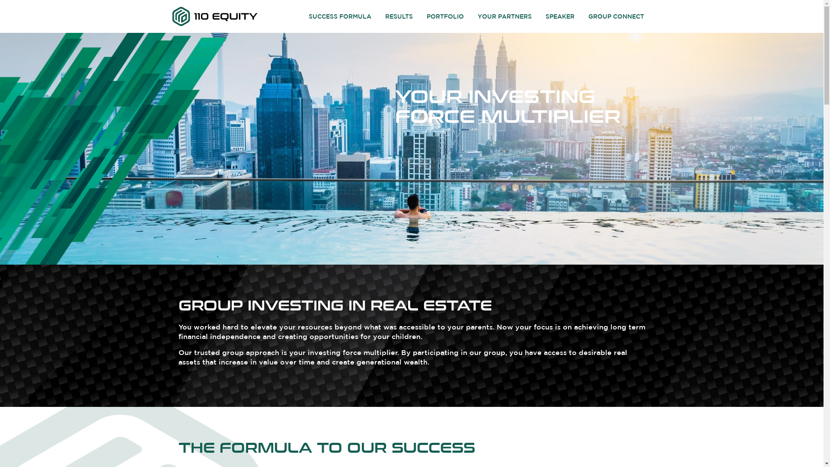  Describe the element at coordinates (303, 16) in the screenshot. I see `'SUCCESS FORMULA'` at that location.